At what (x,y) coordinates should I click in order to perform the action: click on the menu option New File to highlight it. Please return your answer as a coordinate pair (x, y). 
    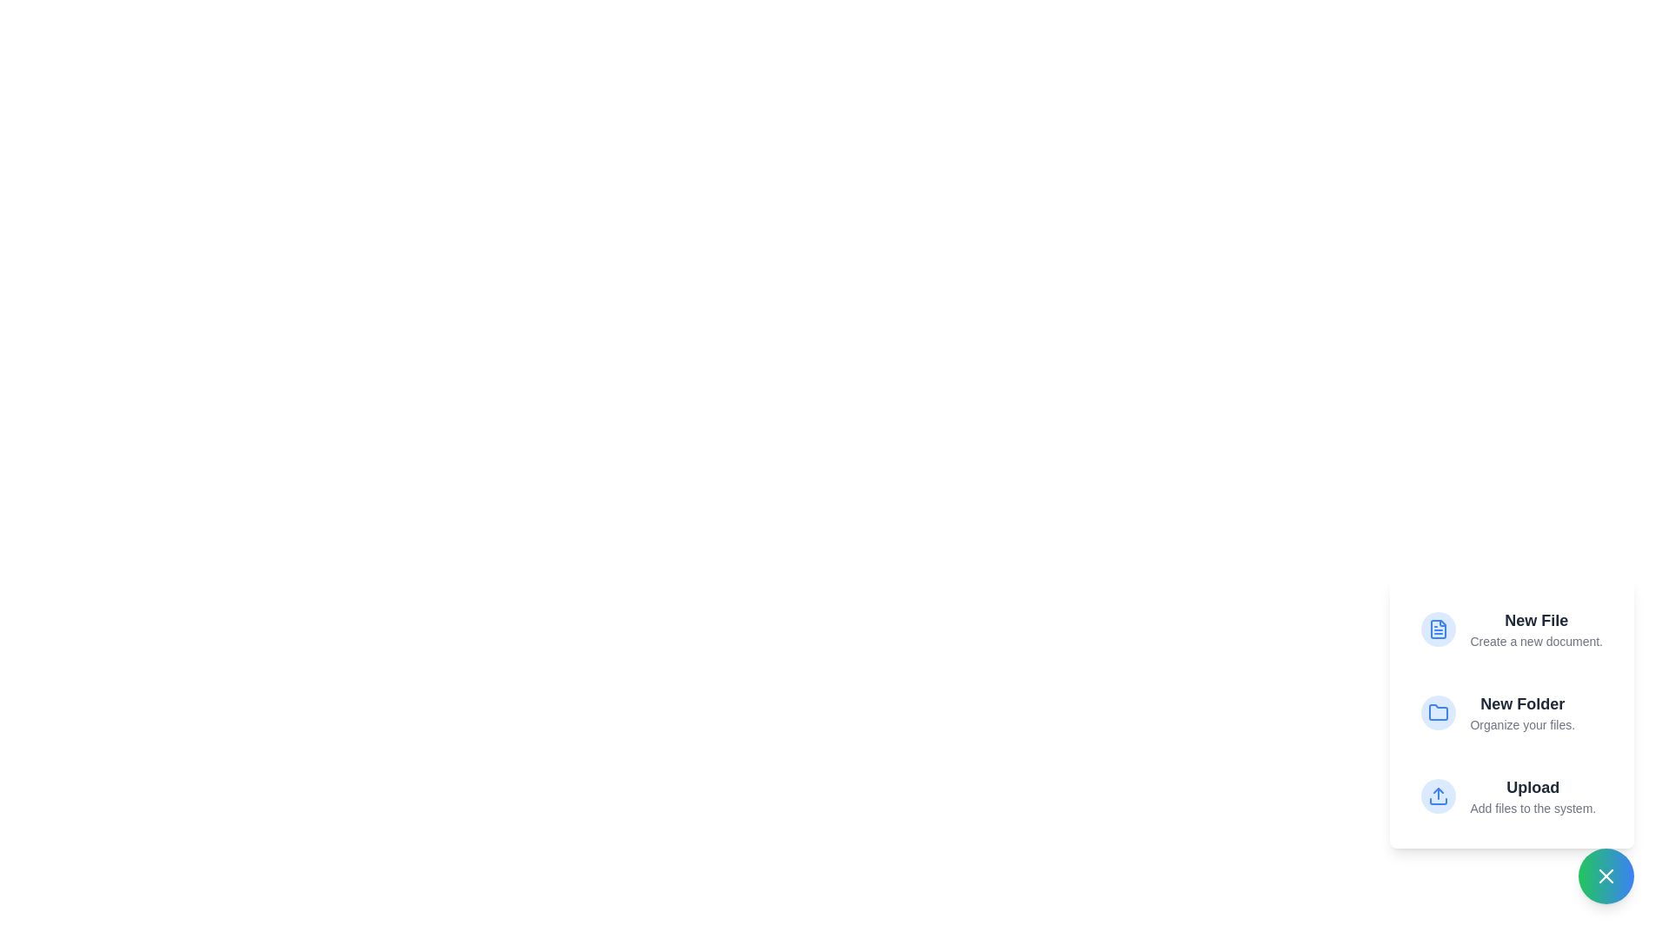
    Looking at the image, I should click on (1511, 629).